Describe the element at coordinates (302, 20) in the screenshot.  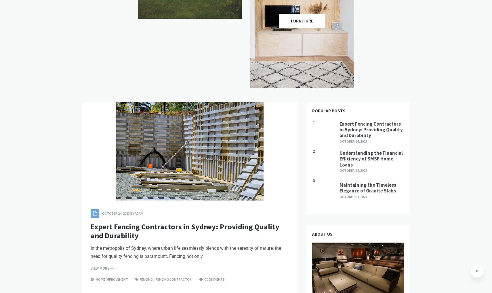
I see `'Furniture'` at that location.